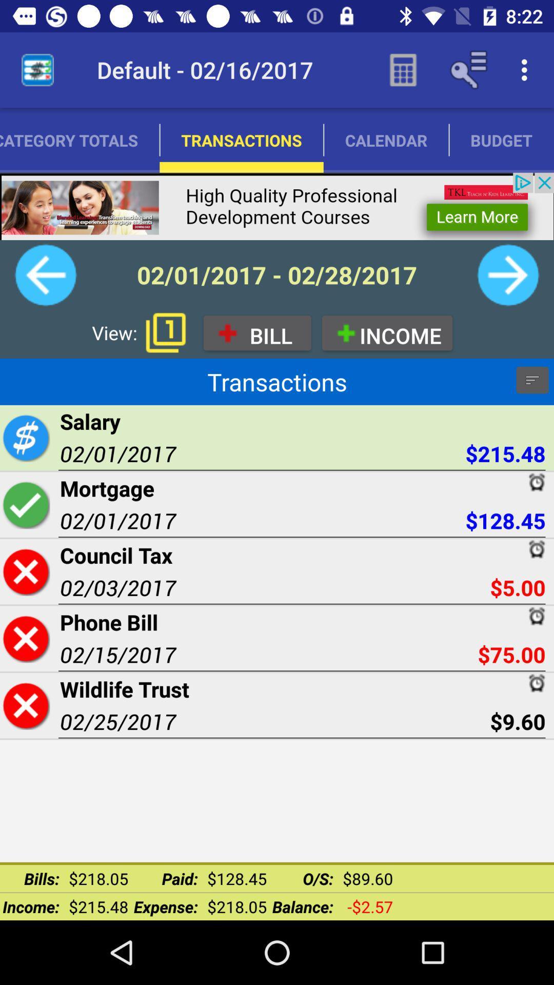 This screenshot has height=985, width=554. Describe the element at coordinates (508, 275) in the screenshot. I see `the next month` at that location.